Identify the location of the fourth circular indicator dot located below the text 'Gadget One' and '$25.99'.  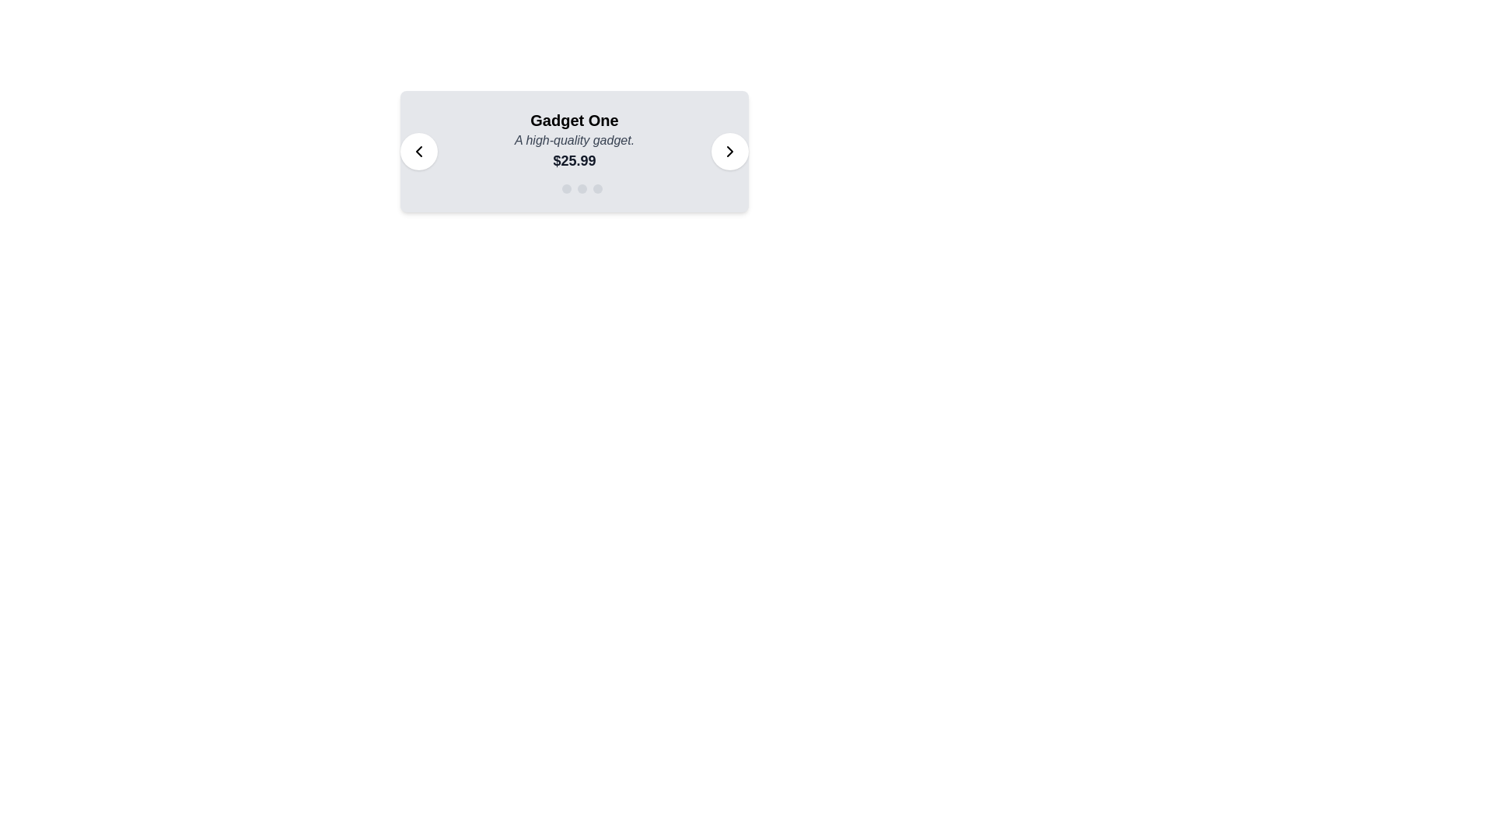
(596, 188).